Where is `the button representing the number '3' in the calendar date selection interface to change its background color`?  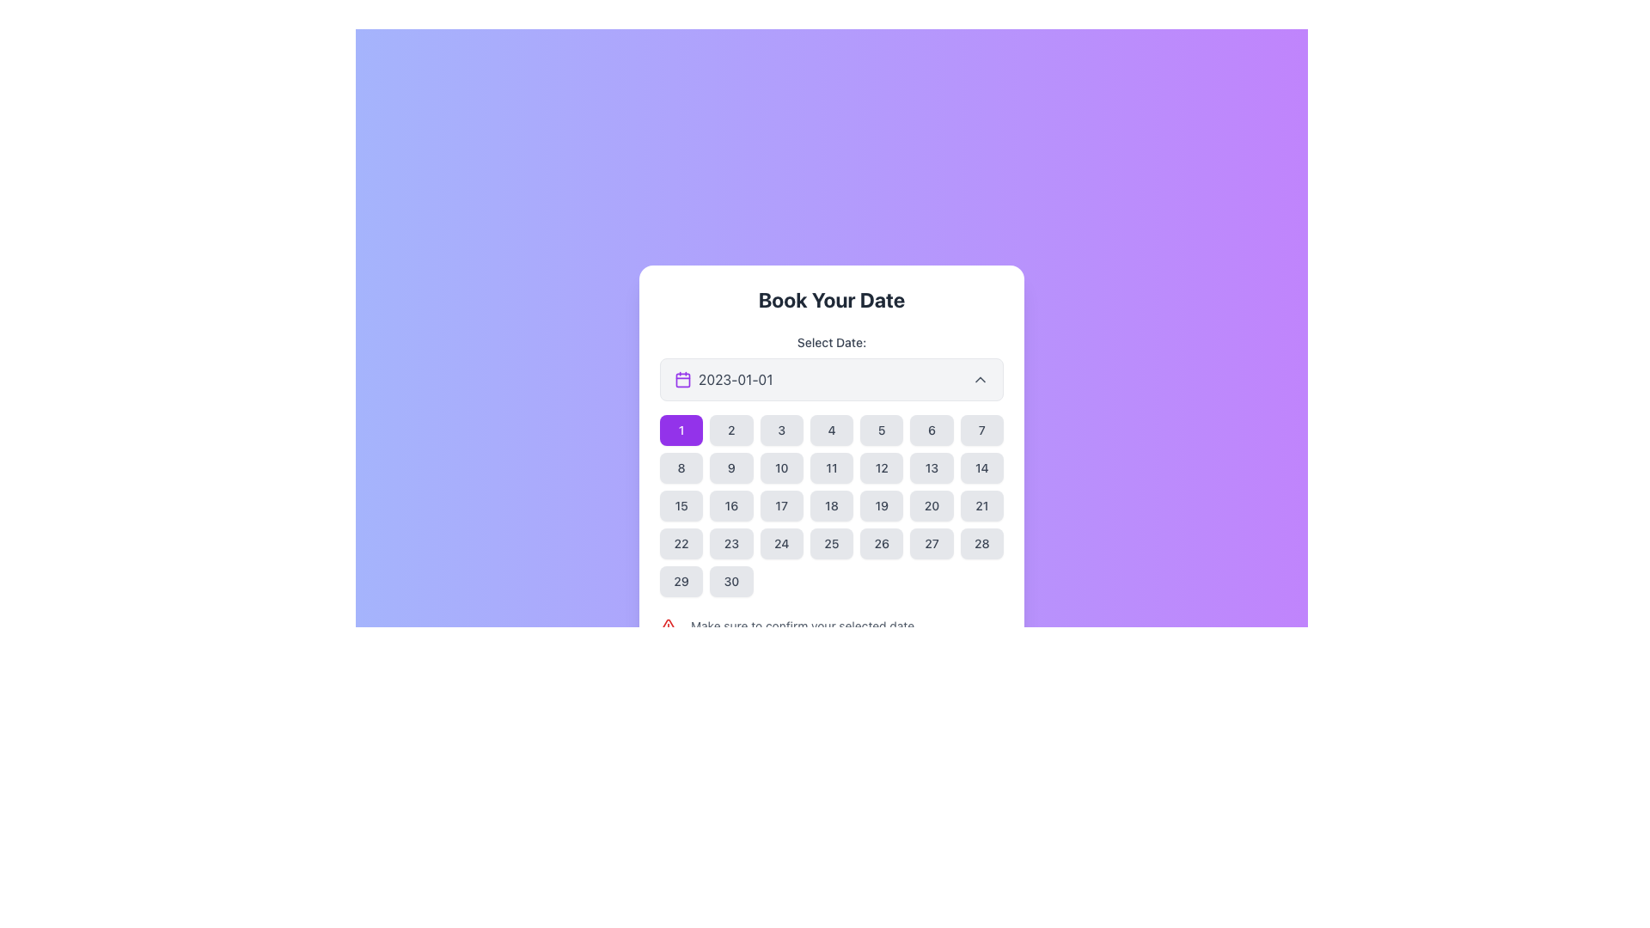 the button representing the number '3' in the calendar date selection interface to change its background color is located at coordinates (780, 430).